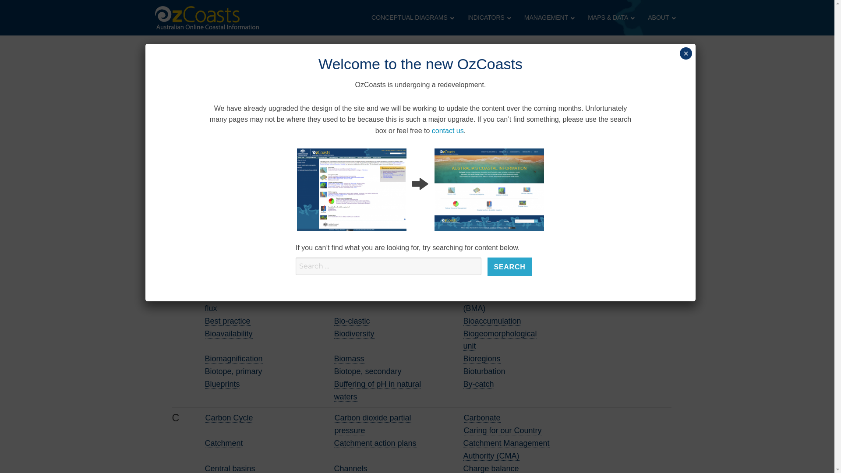  I want to click on 'CONCEPTUAL DIAGRAMS', so click(410, 18).